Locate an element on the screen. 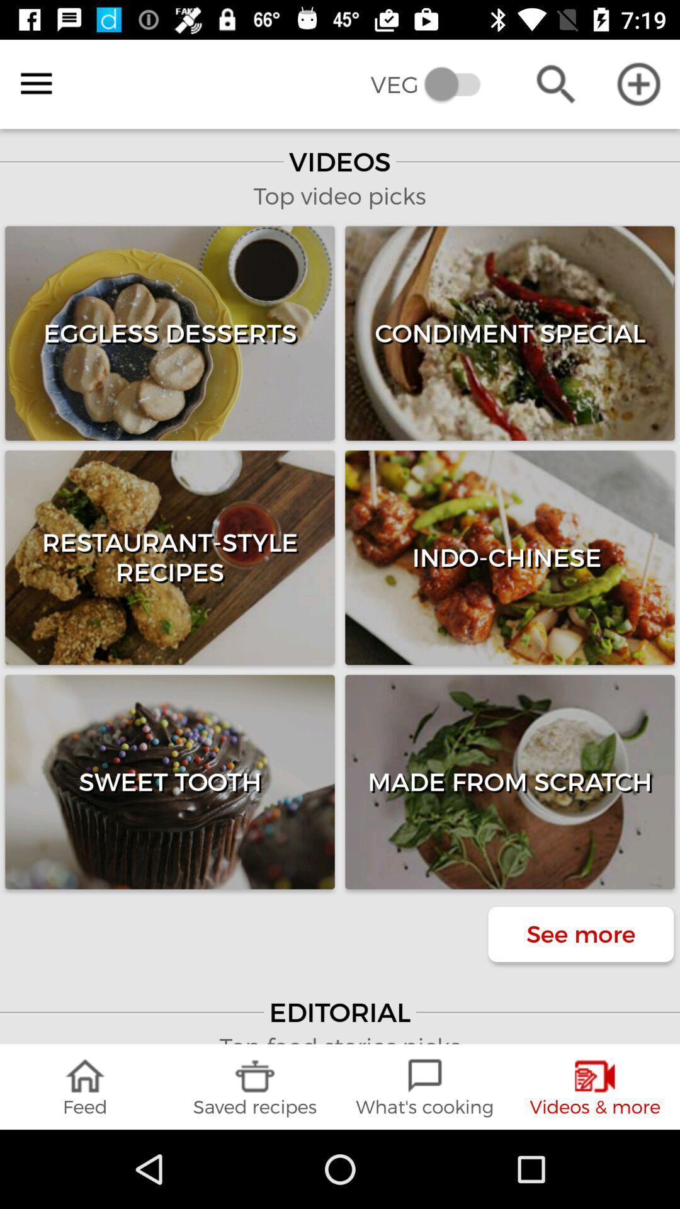 The image size is (680, 1209). the what's cooking icon is located at coordinates (425, 1086).